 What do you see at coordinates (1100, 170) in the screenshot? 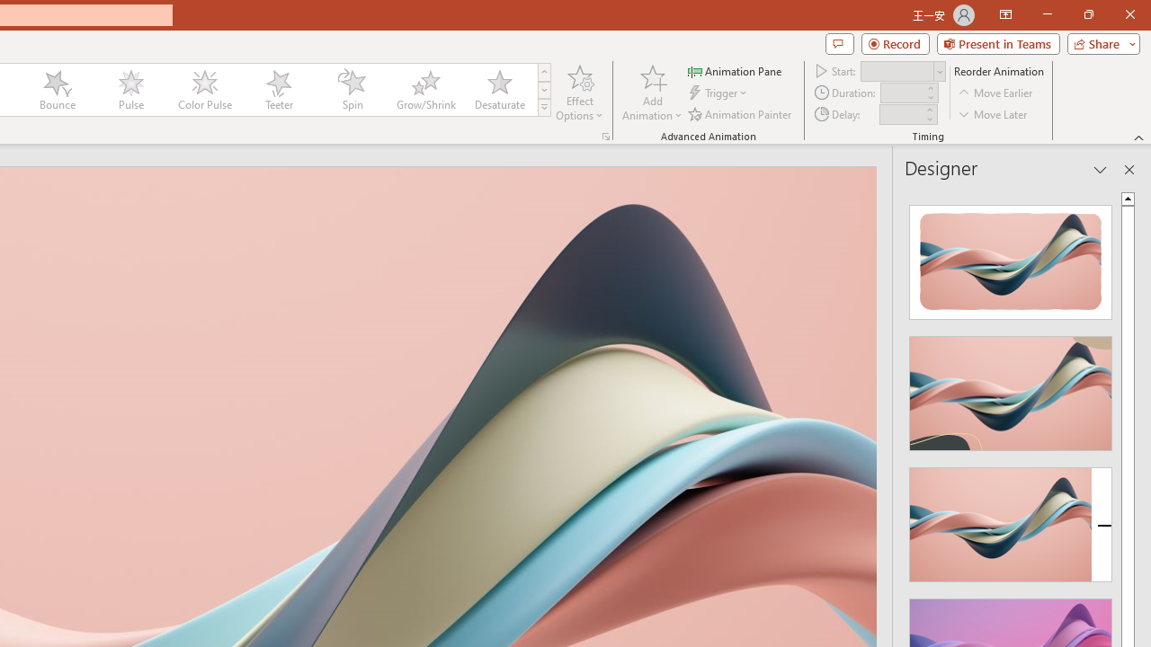
I see `'Task Pane Options'` at bounding box center [1100, 170].